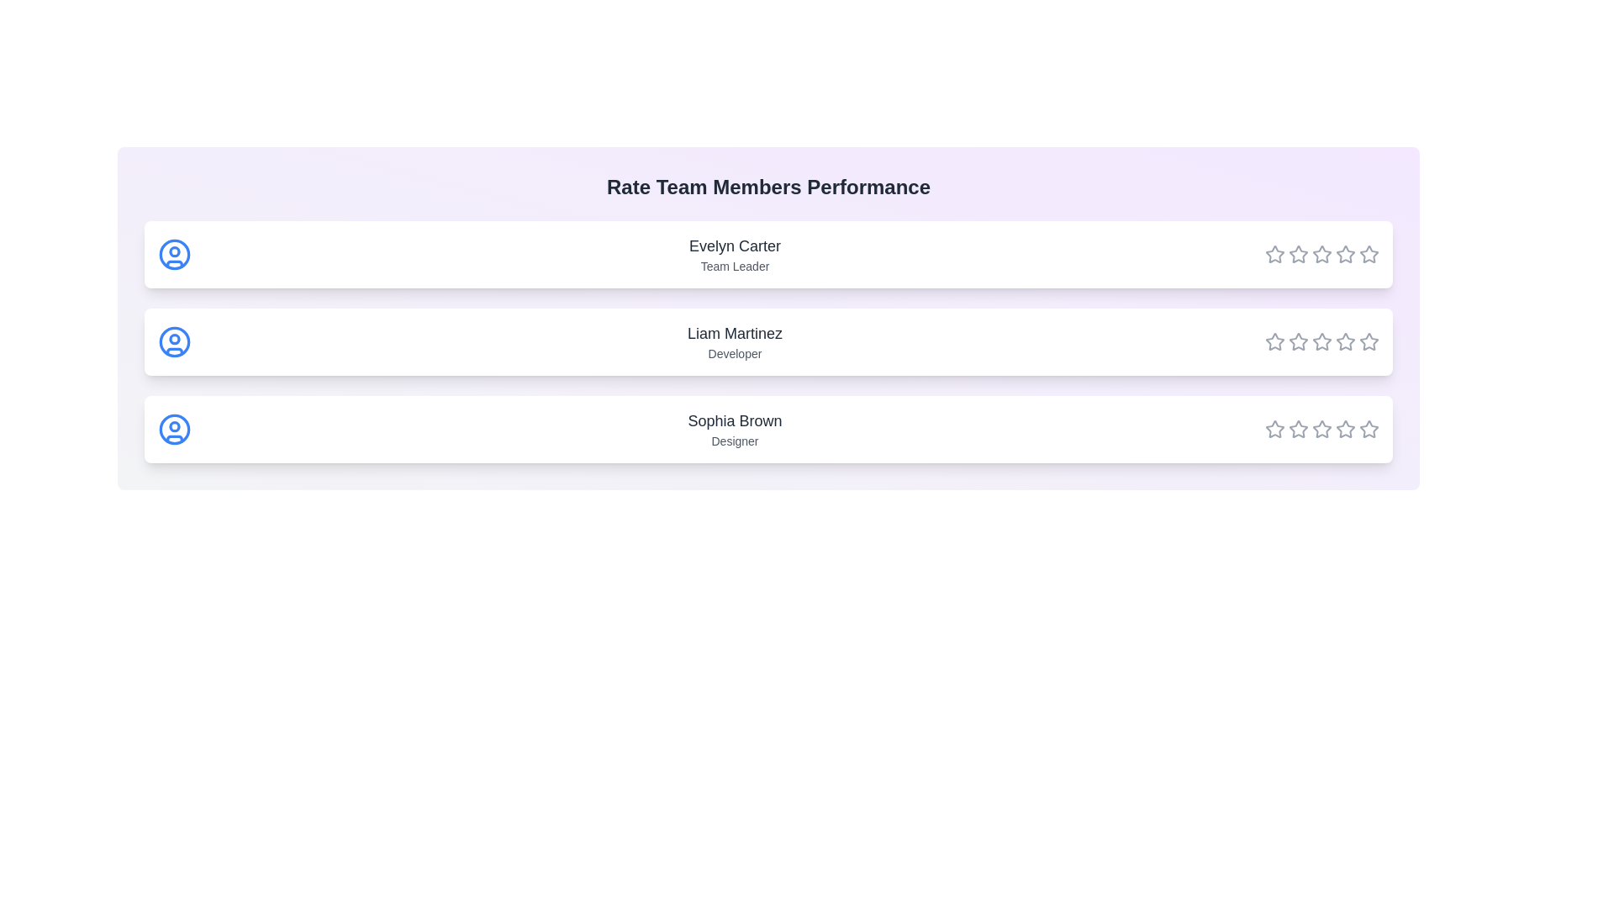  Describe the element at coordinates (174, 341) in the screenshot. I see `the user icon for Liam Martinez` at that location.